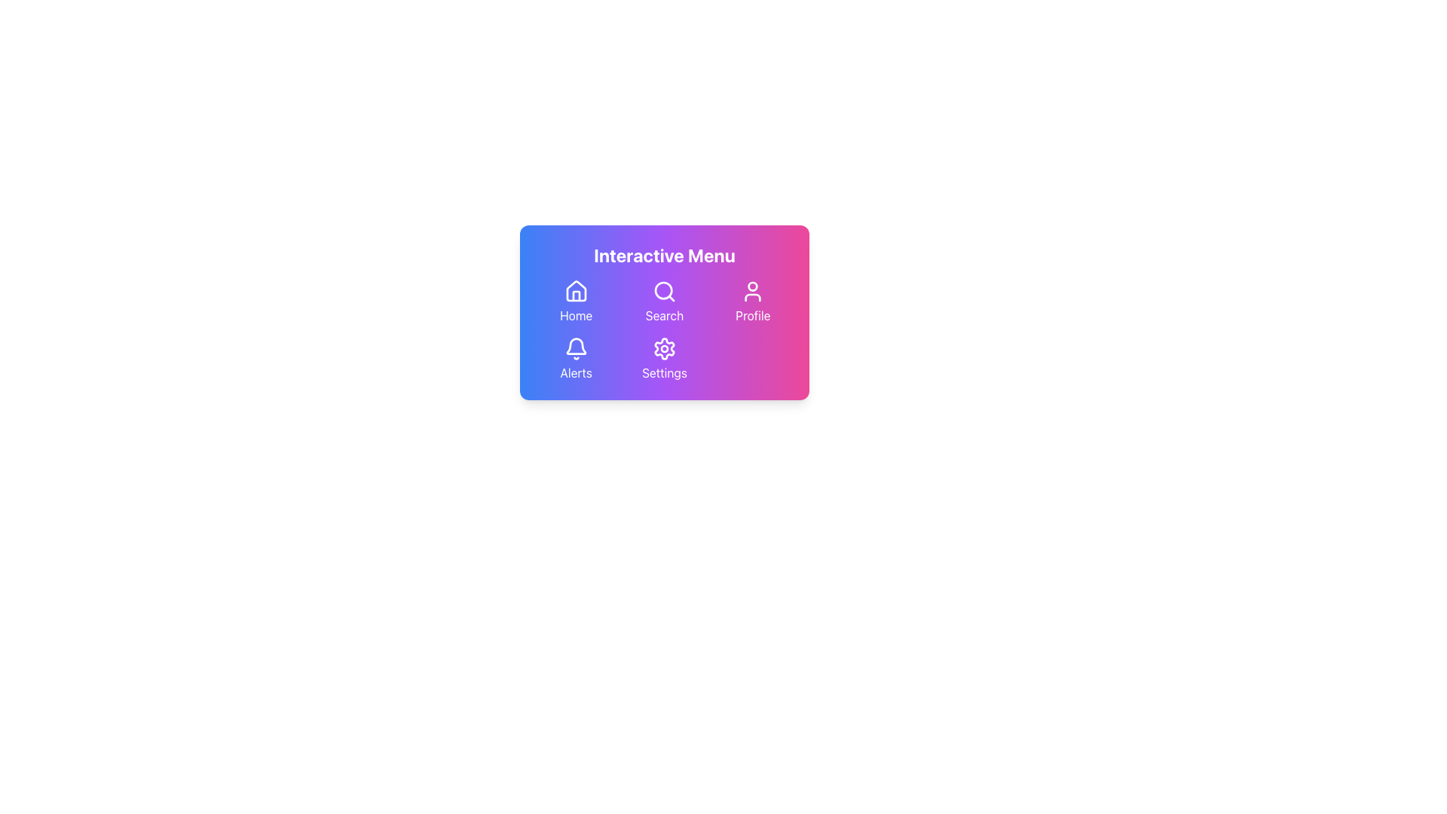 Image resolution: width=1447 pixels, height=814 pixels. I want to click on the 'Home' text label styled with a white font against a gradient background in the interactive menu area, so click(575, 315).